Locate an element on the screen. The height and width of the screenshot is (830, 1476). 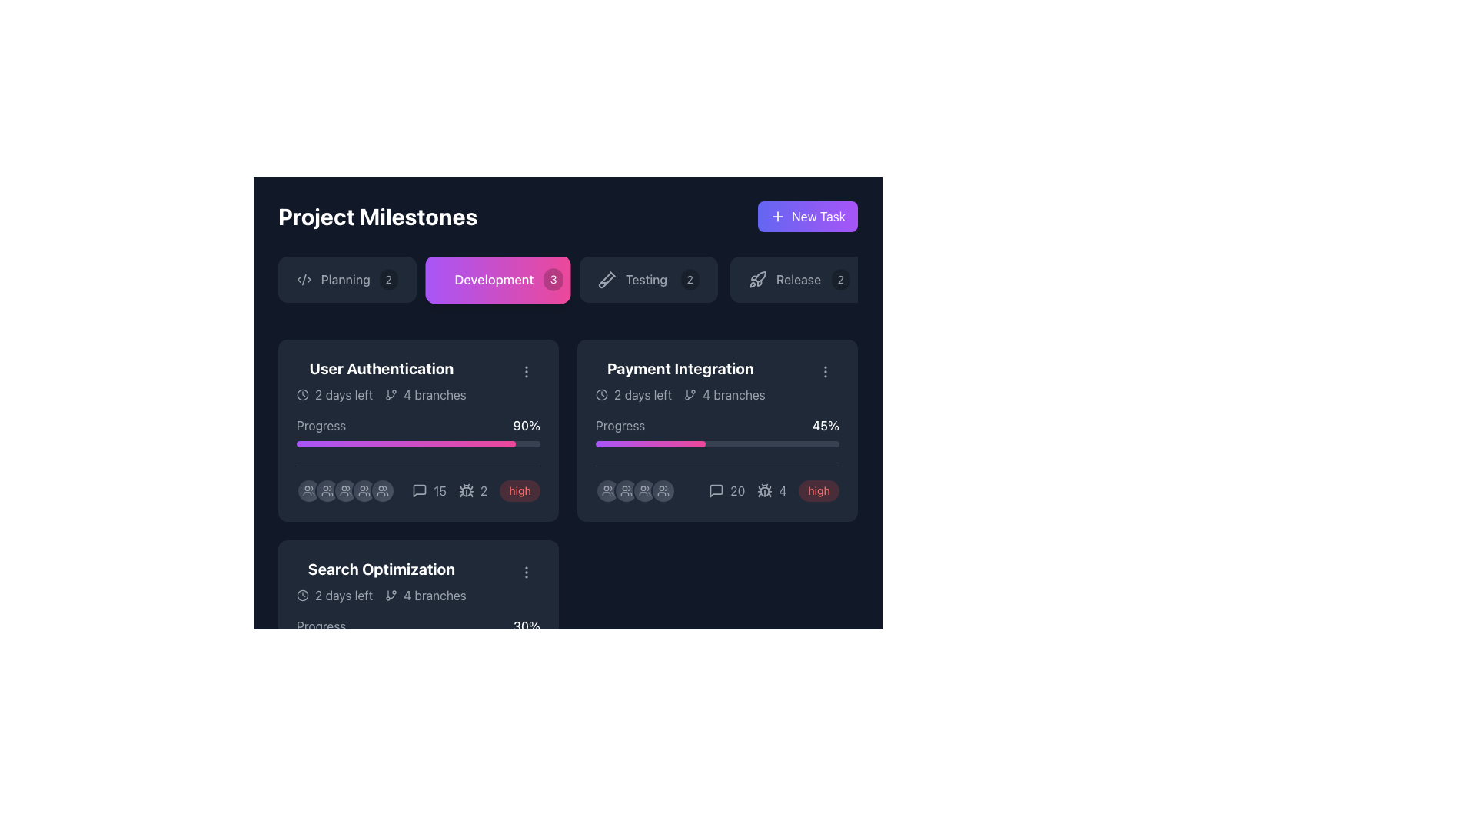
the circular clock icon located above the '2 days left' text in the 'User Authentication' card is located at coordinates (302, 393).